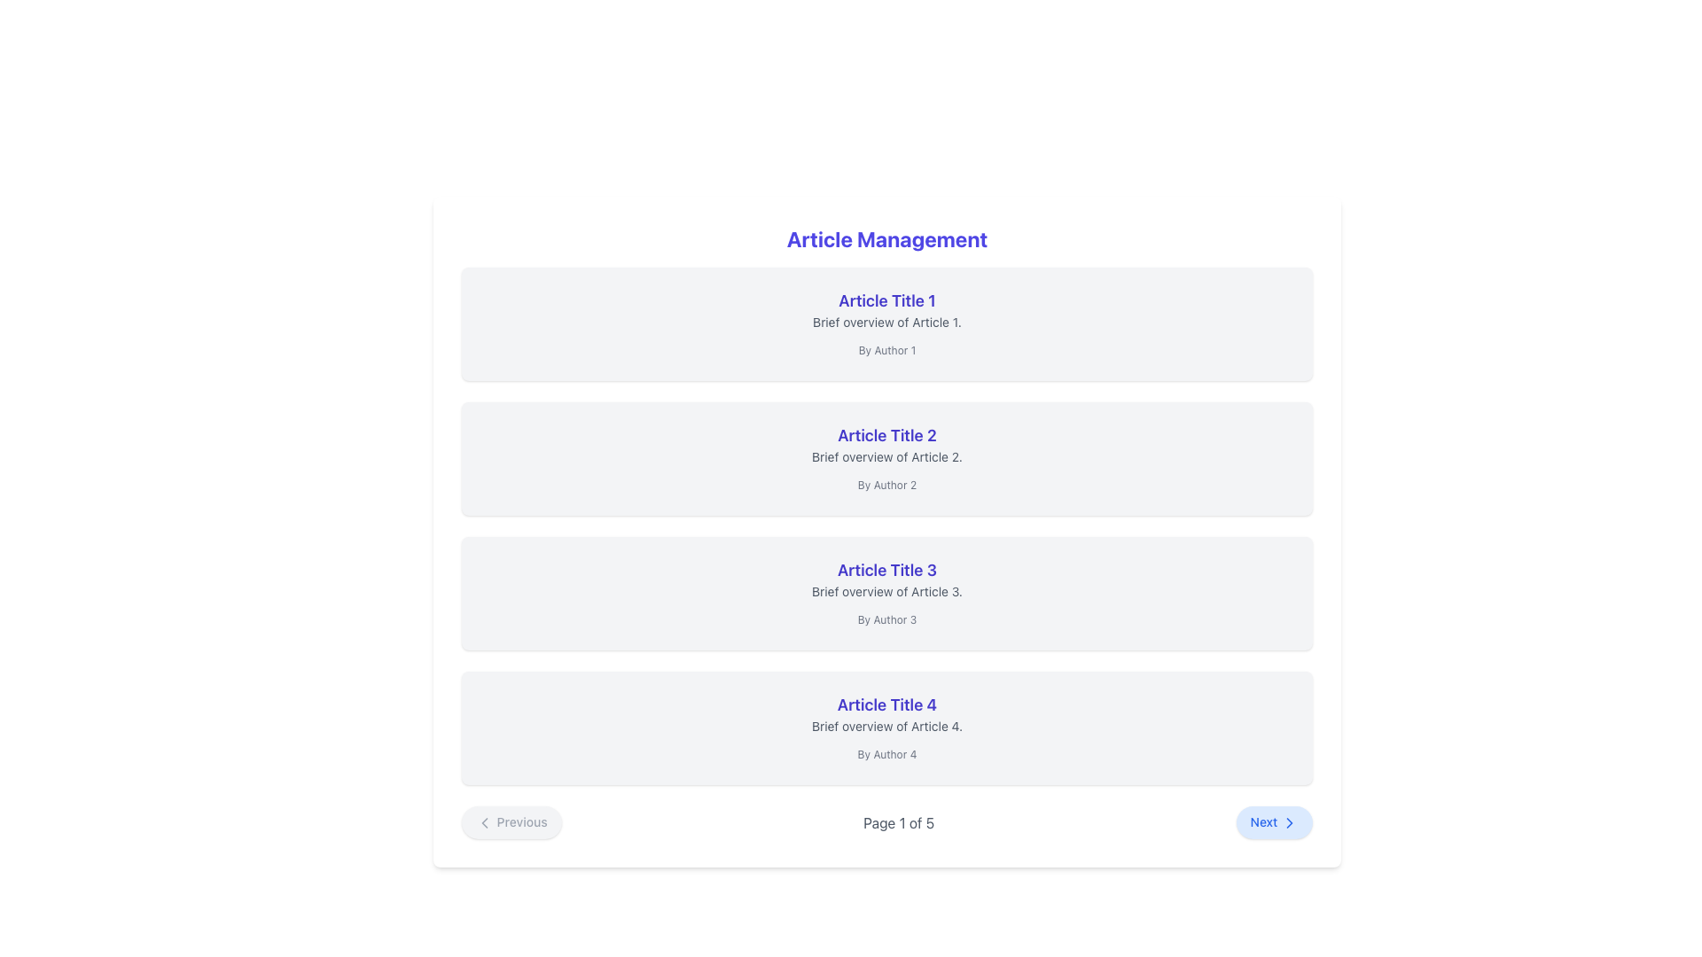  I want to click on title displayed in the text label at the top-center of the listing card titled 'Article Title 1', so click(887, 300).